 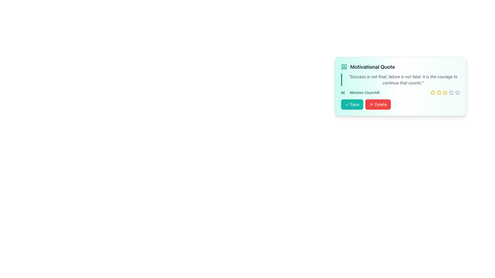 I want to click on the decorative icon representing a teal double quotation mark, which is the first element in the header row containing 'Motivational Quote', so click(x=344, y=66).